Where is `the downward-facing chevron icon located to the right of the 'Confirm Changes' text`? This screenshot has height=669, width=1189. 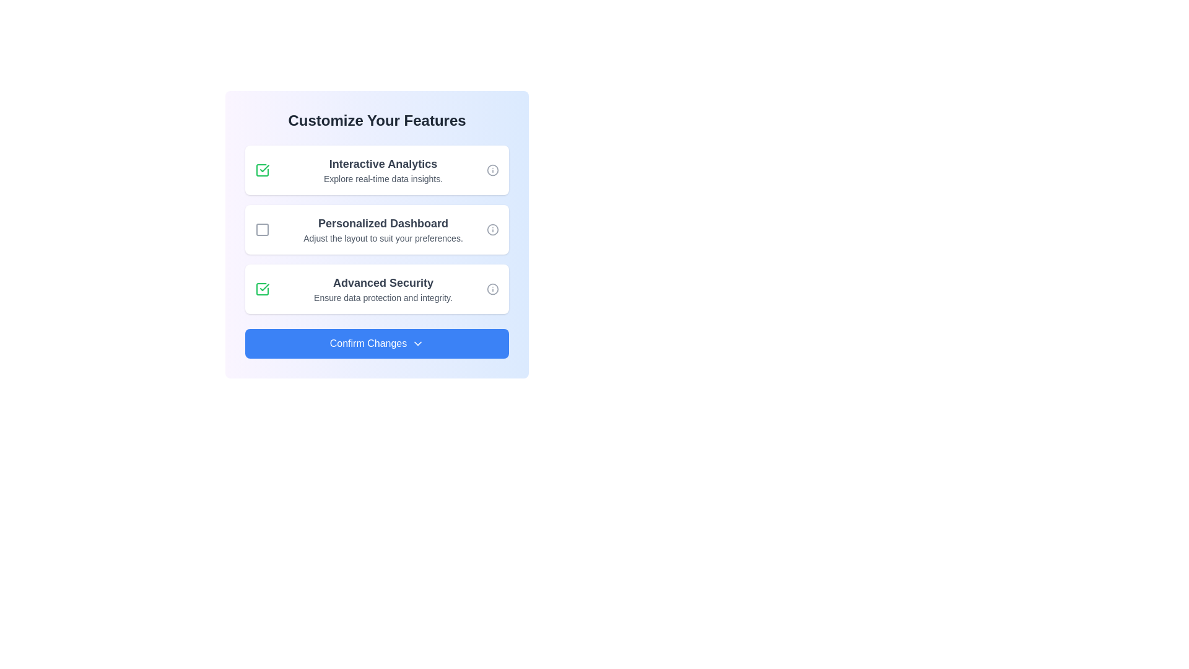 the downward-facing chevron icon located to the right of the 'Confirm Changes' text is located at coordinates (418, 344).